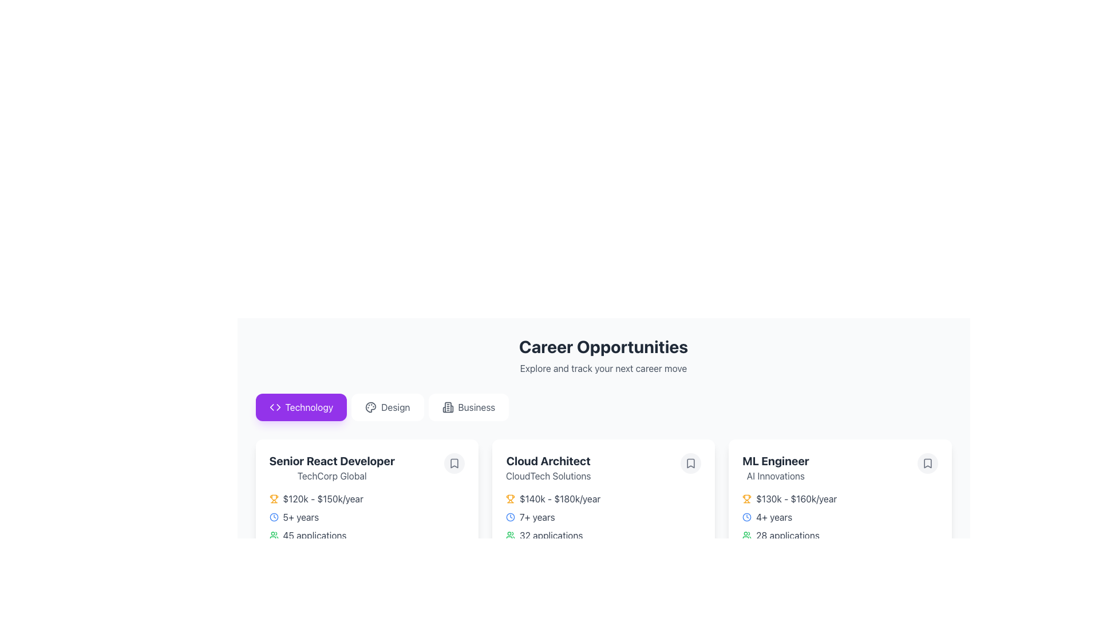 The image size is (1099, 618). What do you see at coordinates (331, 468) in the screenshot?
I see `job details text block displaying the title 'Senior React Developer' and the company name 'TechCorp Global', which is the first job listing under the 'Technology' tab` at bounding box center [331, 468].